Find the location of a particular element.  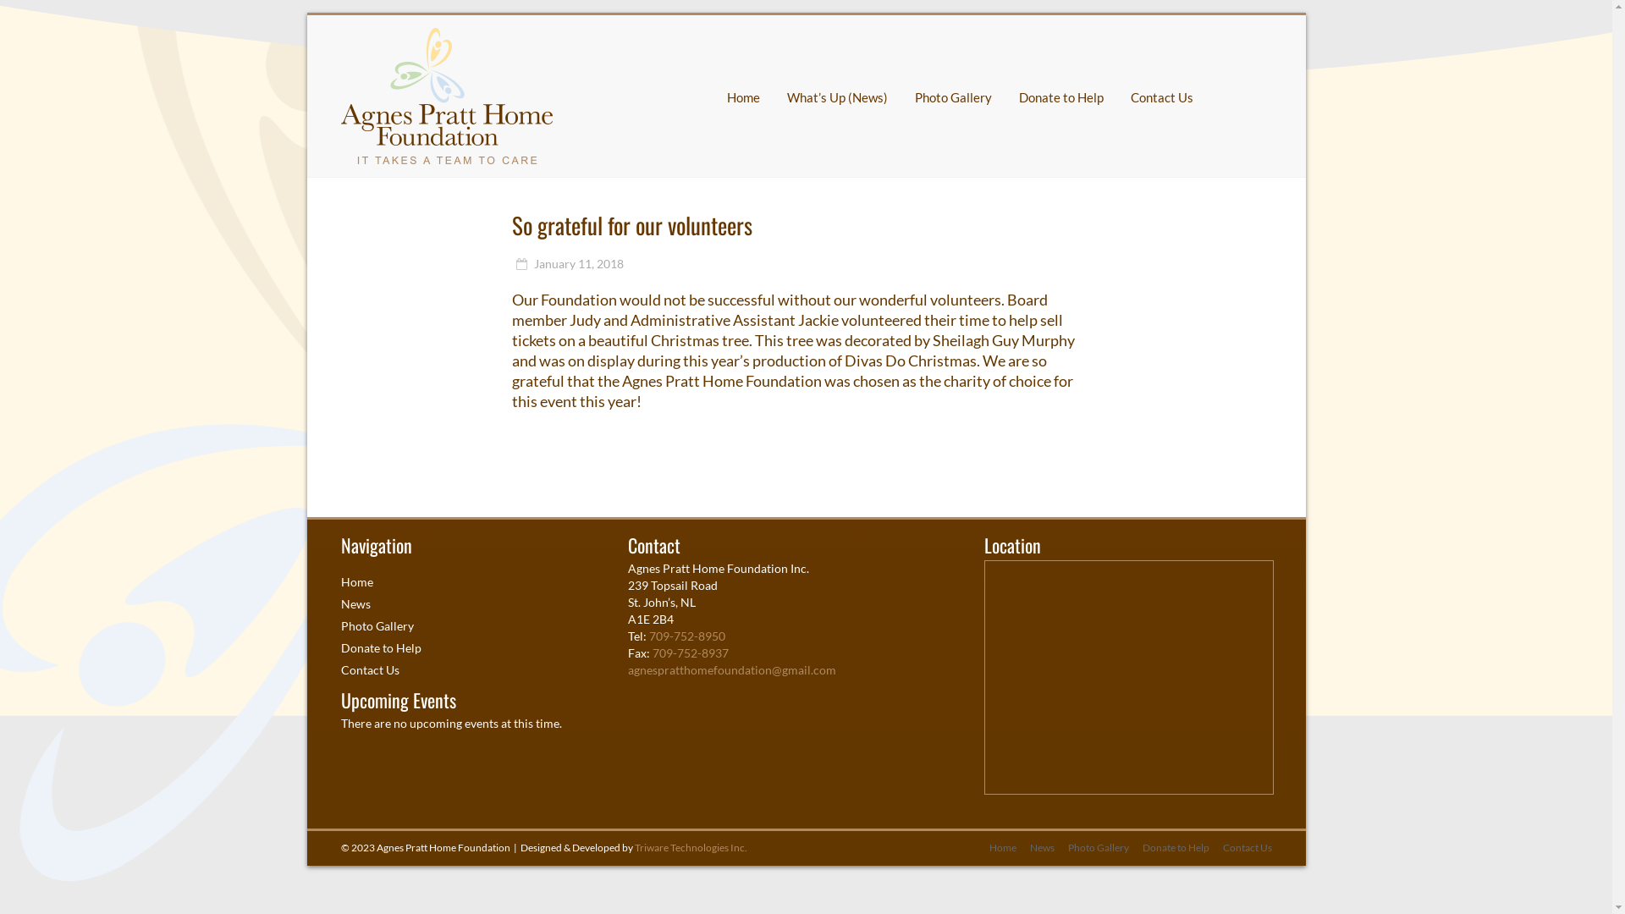

'Home' is located at coordinates (355, 581).